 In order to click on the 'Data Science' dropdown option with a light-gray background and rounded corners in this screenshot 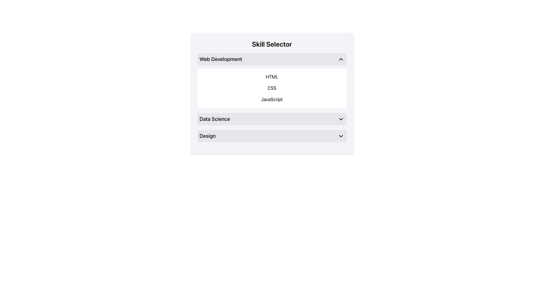, I will do `click(272, 119)`.